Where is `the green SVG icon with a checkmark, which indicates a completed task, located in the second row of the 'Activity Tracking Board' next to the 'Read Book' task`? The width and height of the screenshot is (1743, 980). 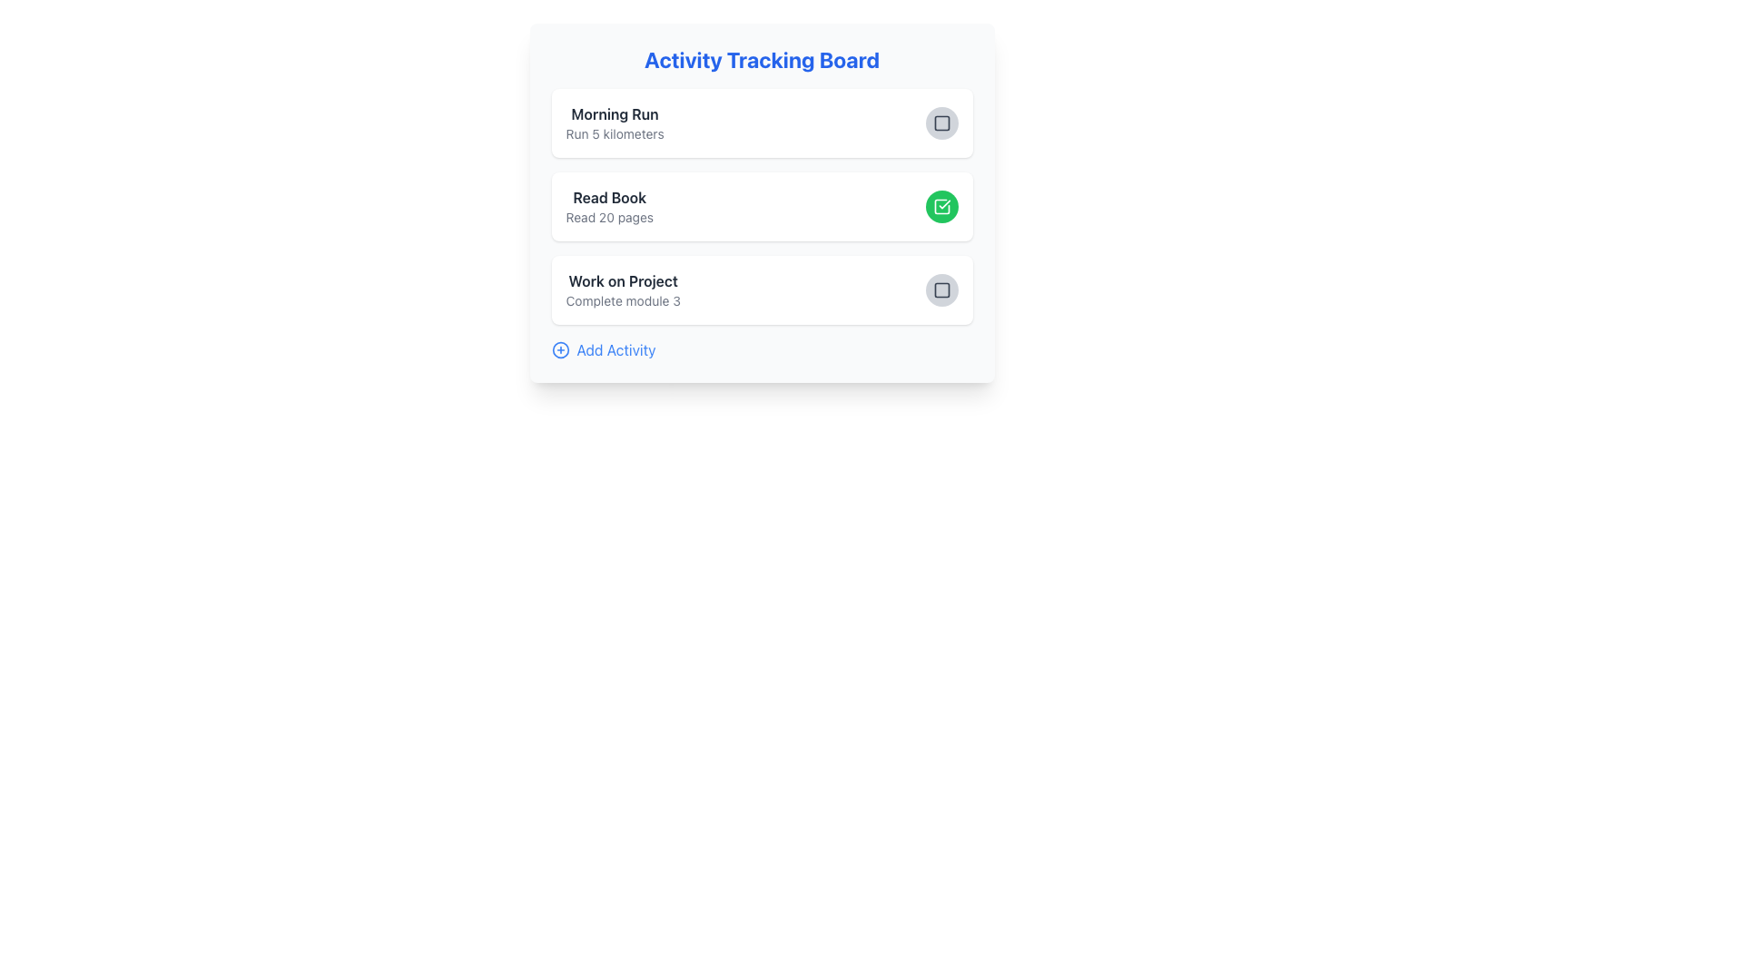
the green SVG icon with a checkmark, which indicates a completed task, located in the second row of the 'Activity Tracking Board' next to the 'Read Book' task is located at coordinates (941, 205).